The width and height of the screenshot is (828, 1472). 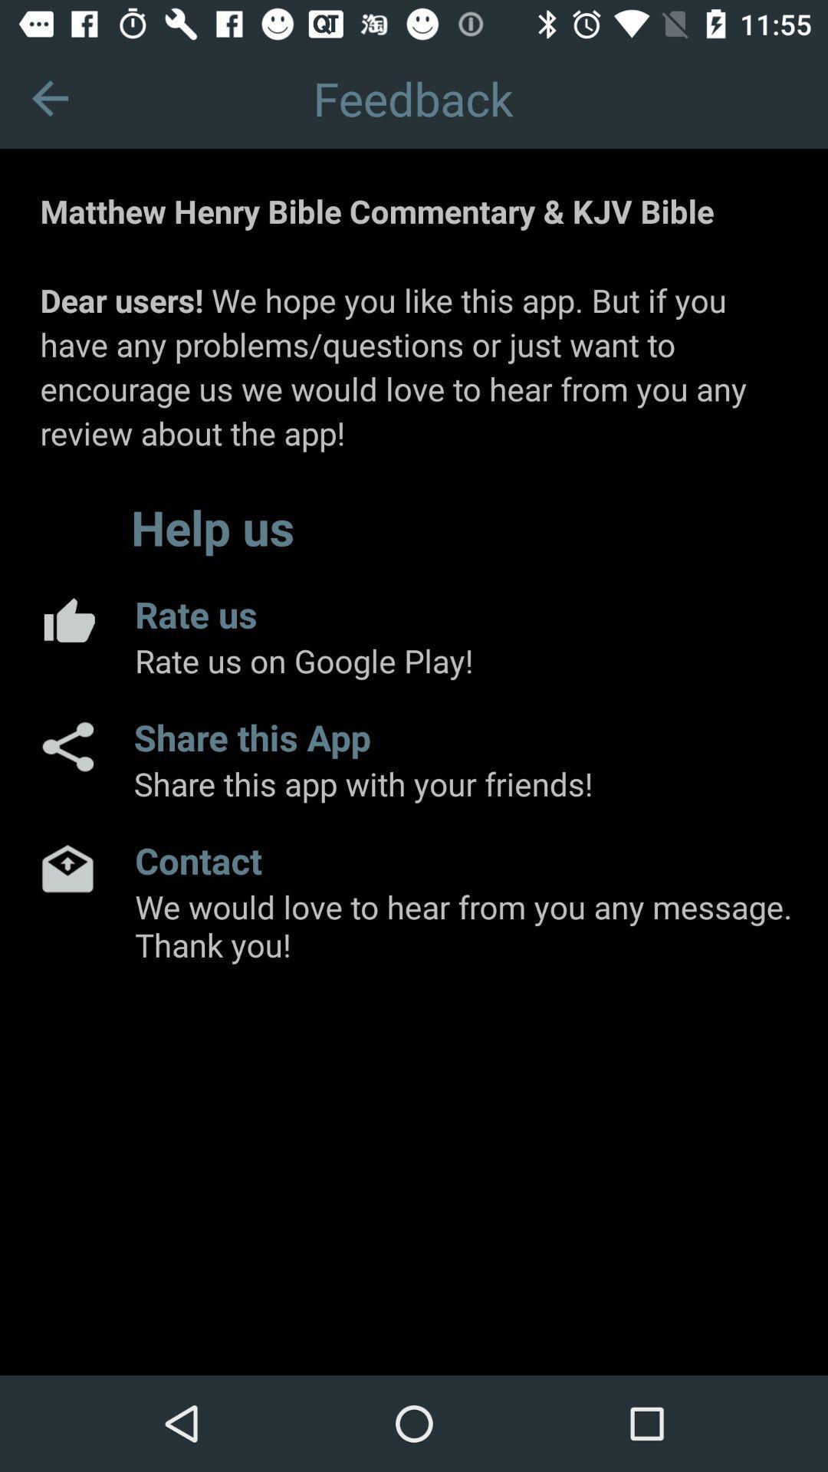 I want to click on icon to the left of feedback app, so click(x=49, y=97).